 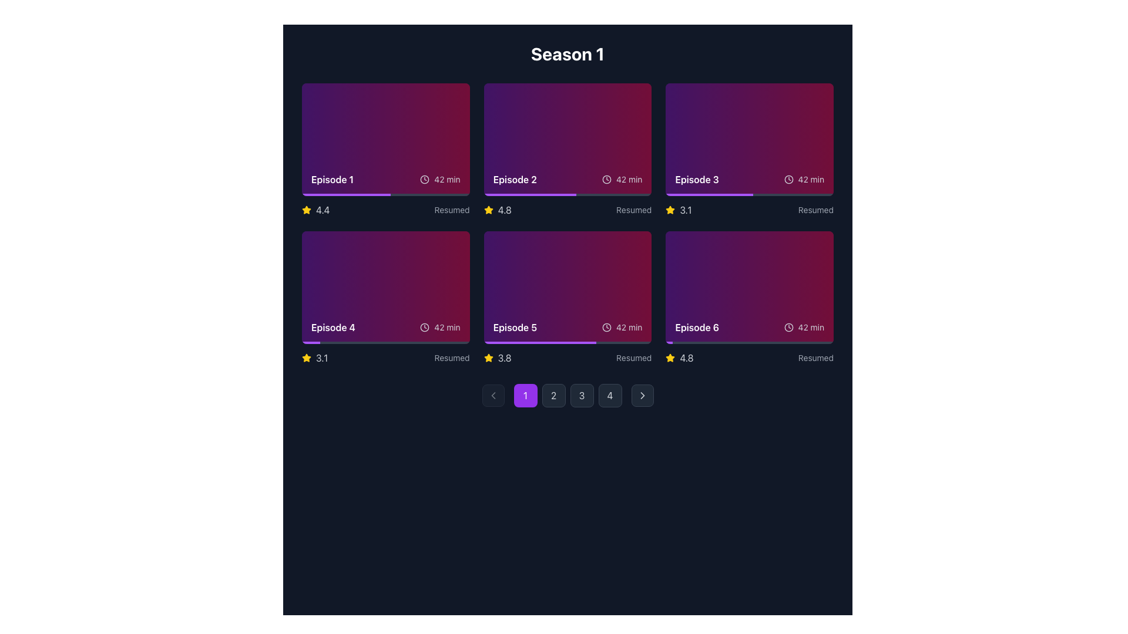 What do you see at coordinates (446, 328) in the screenshot?
I see `the text label indicating the duration of the episode in minutes, located at the bottom right corner of 'Episode 4', adjacent to a small clock icon` at bounding box center [446, 328].